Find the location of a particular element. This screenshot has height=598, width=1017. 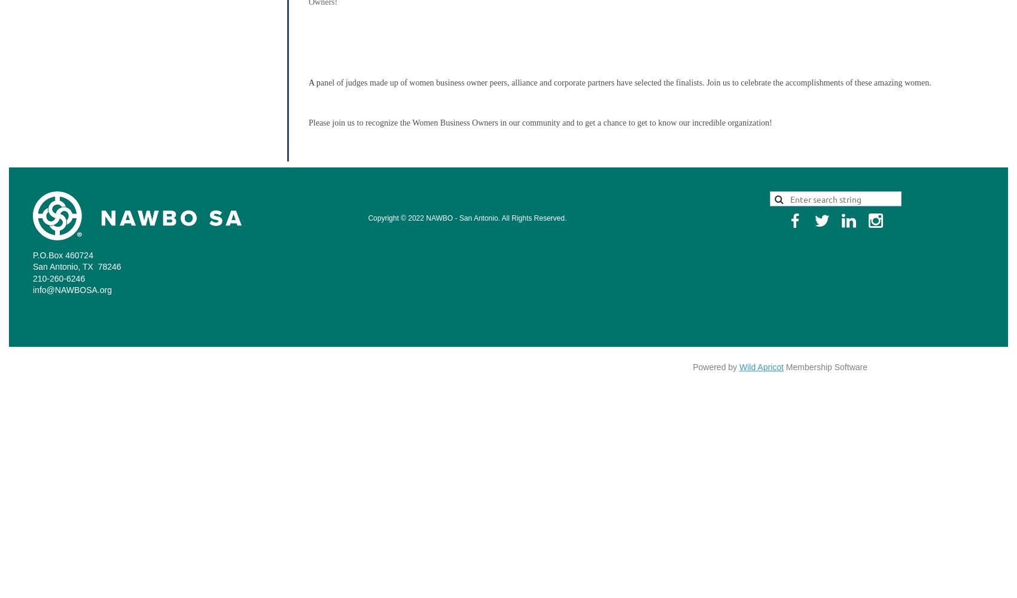

'P.O.Box 460724' is located at coordinates (63, 255).